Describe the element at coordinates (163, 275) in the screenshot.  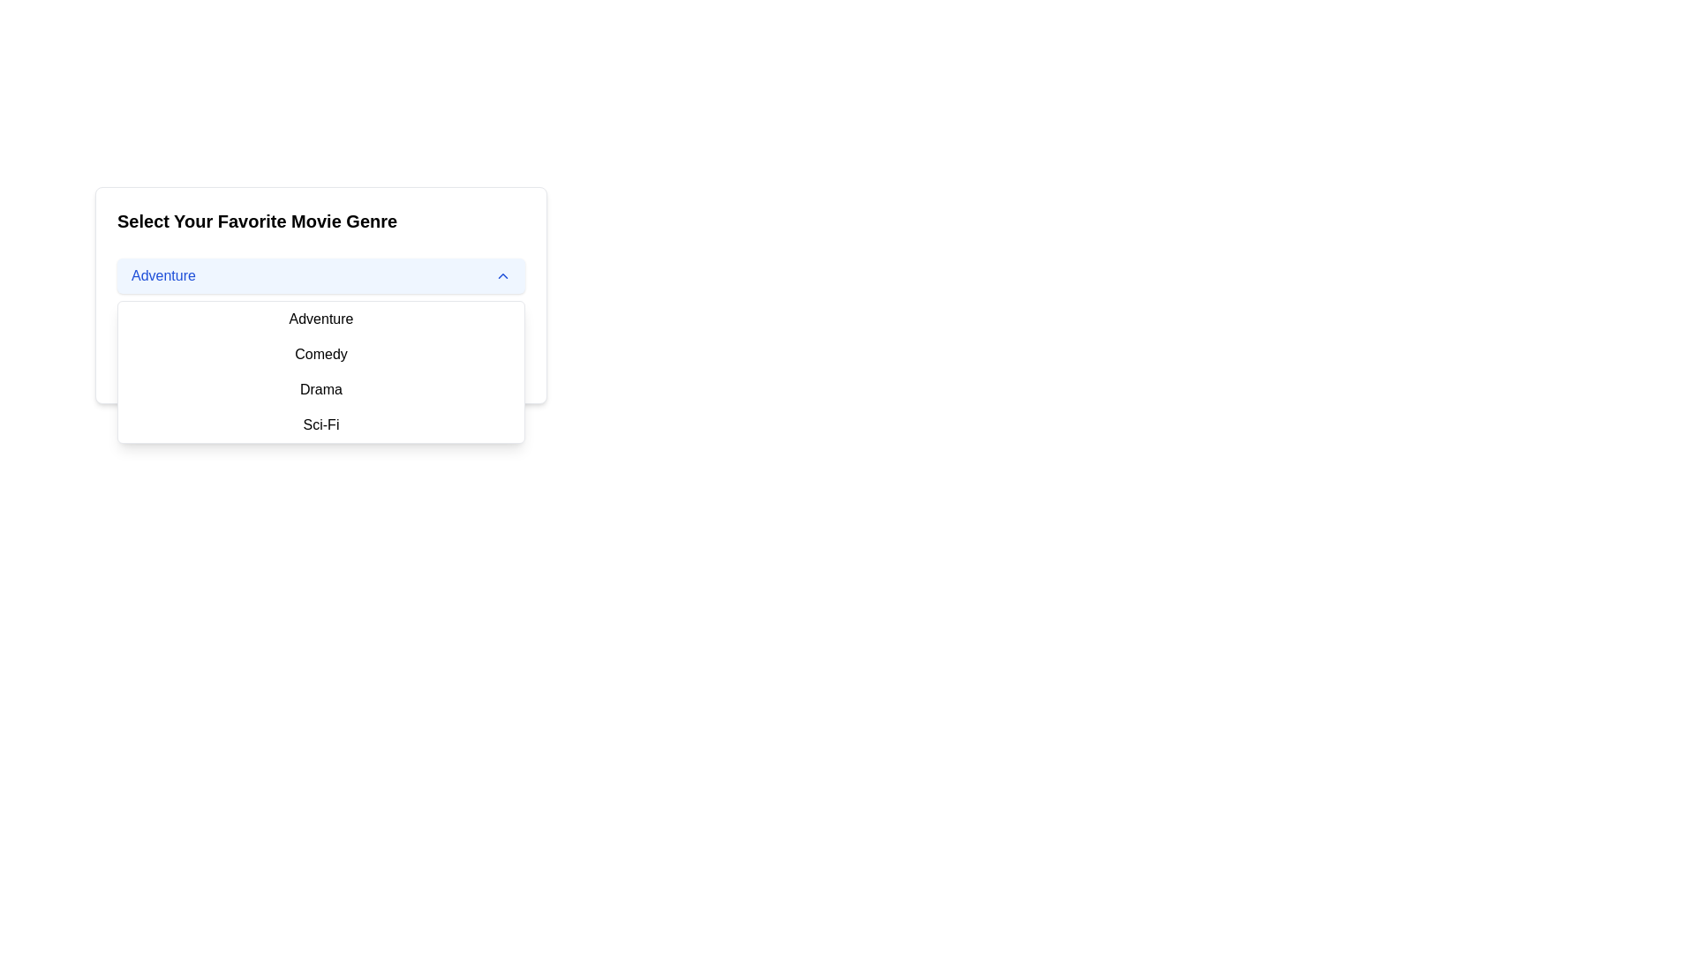
I see `the text label 'Adventure' which is displayed in bold blue font within the dropdown menu` at that location.